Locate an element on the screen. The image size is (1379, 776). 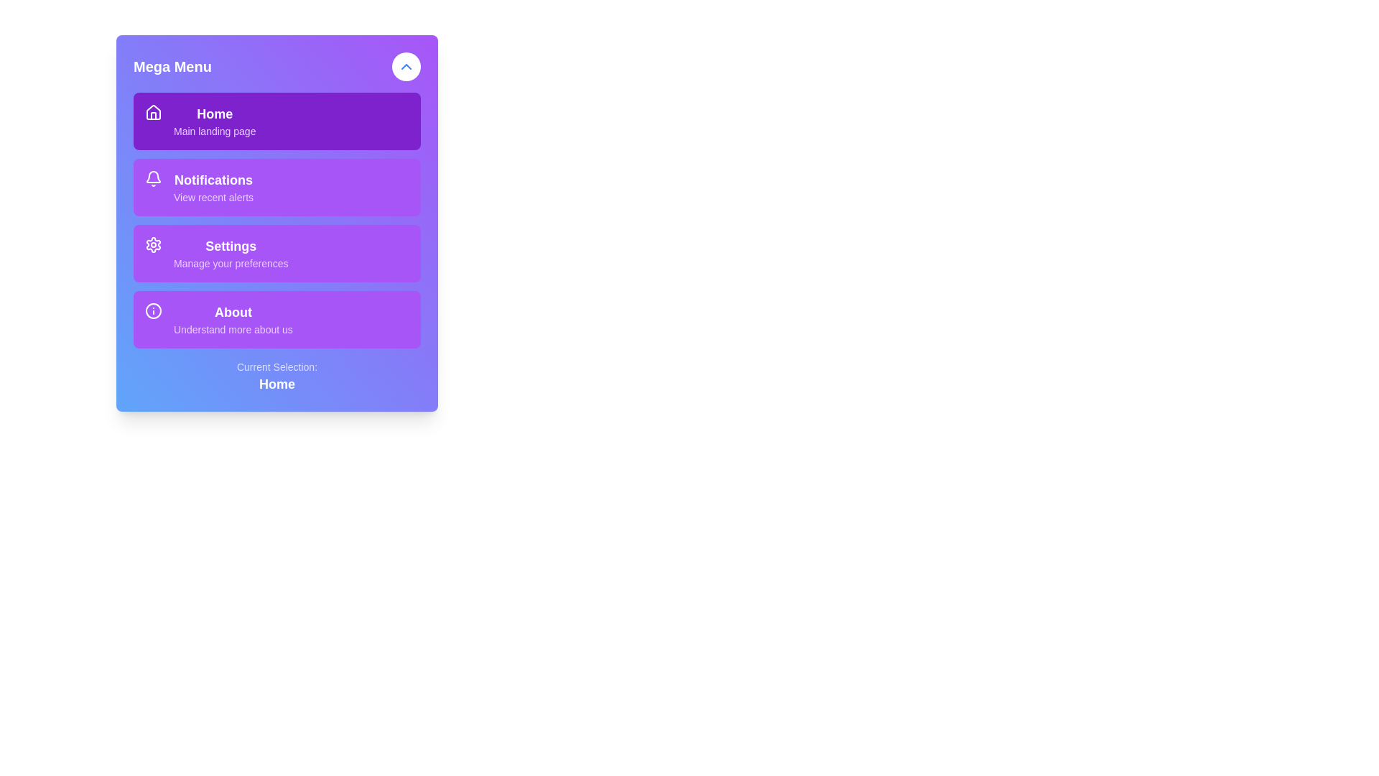
the text element that says 'Manage your preferences', which is styled in light purple and positioned below the 'Settings' text within the purple menu item is located at coordinates (231, 263).